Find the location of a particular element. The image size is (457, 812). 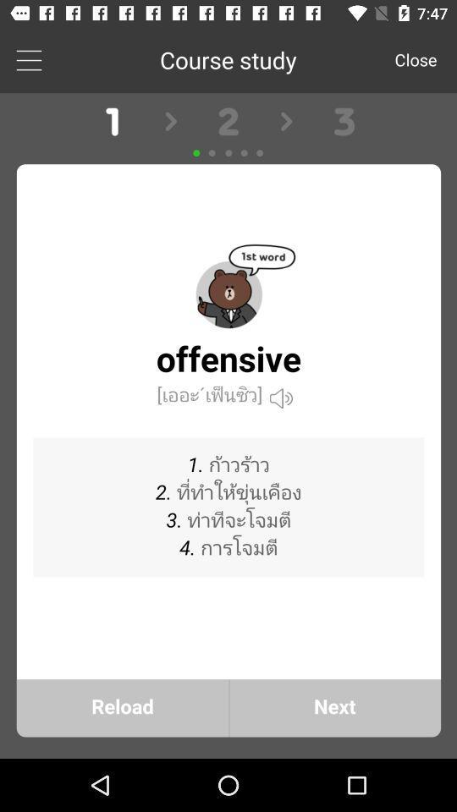

the menu icon is located at coordinates (28, 59).